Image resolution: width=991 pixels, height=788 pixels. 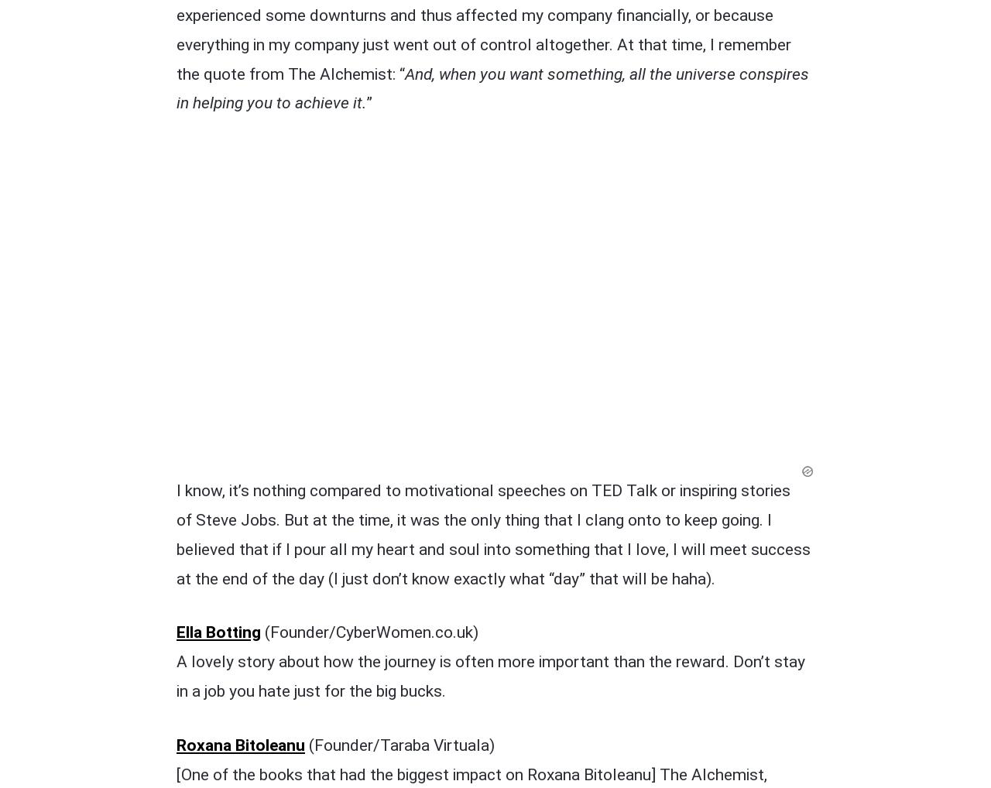 What do you see at coordinates (369, 311) in the screenshot?
I see `'(Founder/CyberWomen.co.uk)'` at bounding box center [369, 311].